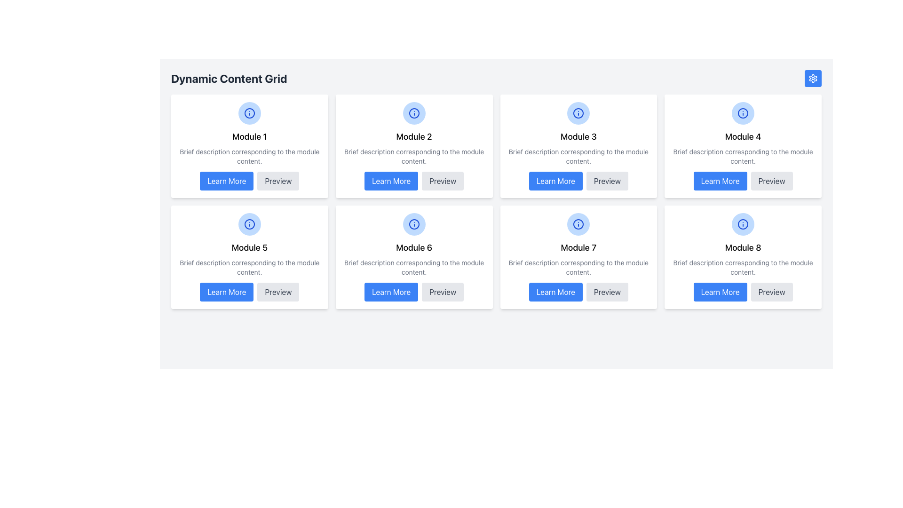 The height and width of the screenshot is (508, 903). I want to click on the information icon located at the center-top of the 'Module 2' card to interact with the associated information, so click(414, 112).